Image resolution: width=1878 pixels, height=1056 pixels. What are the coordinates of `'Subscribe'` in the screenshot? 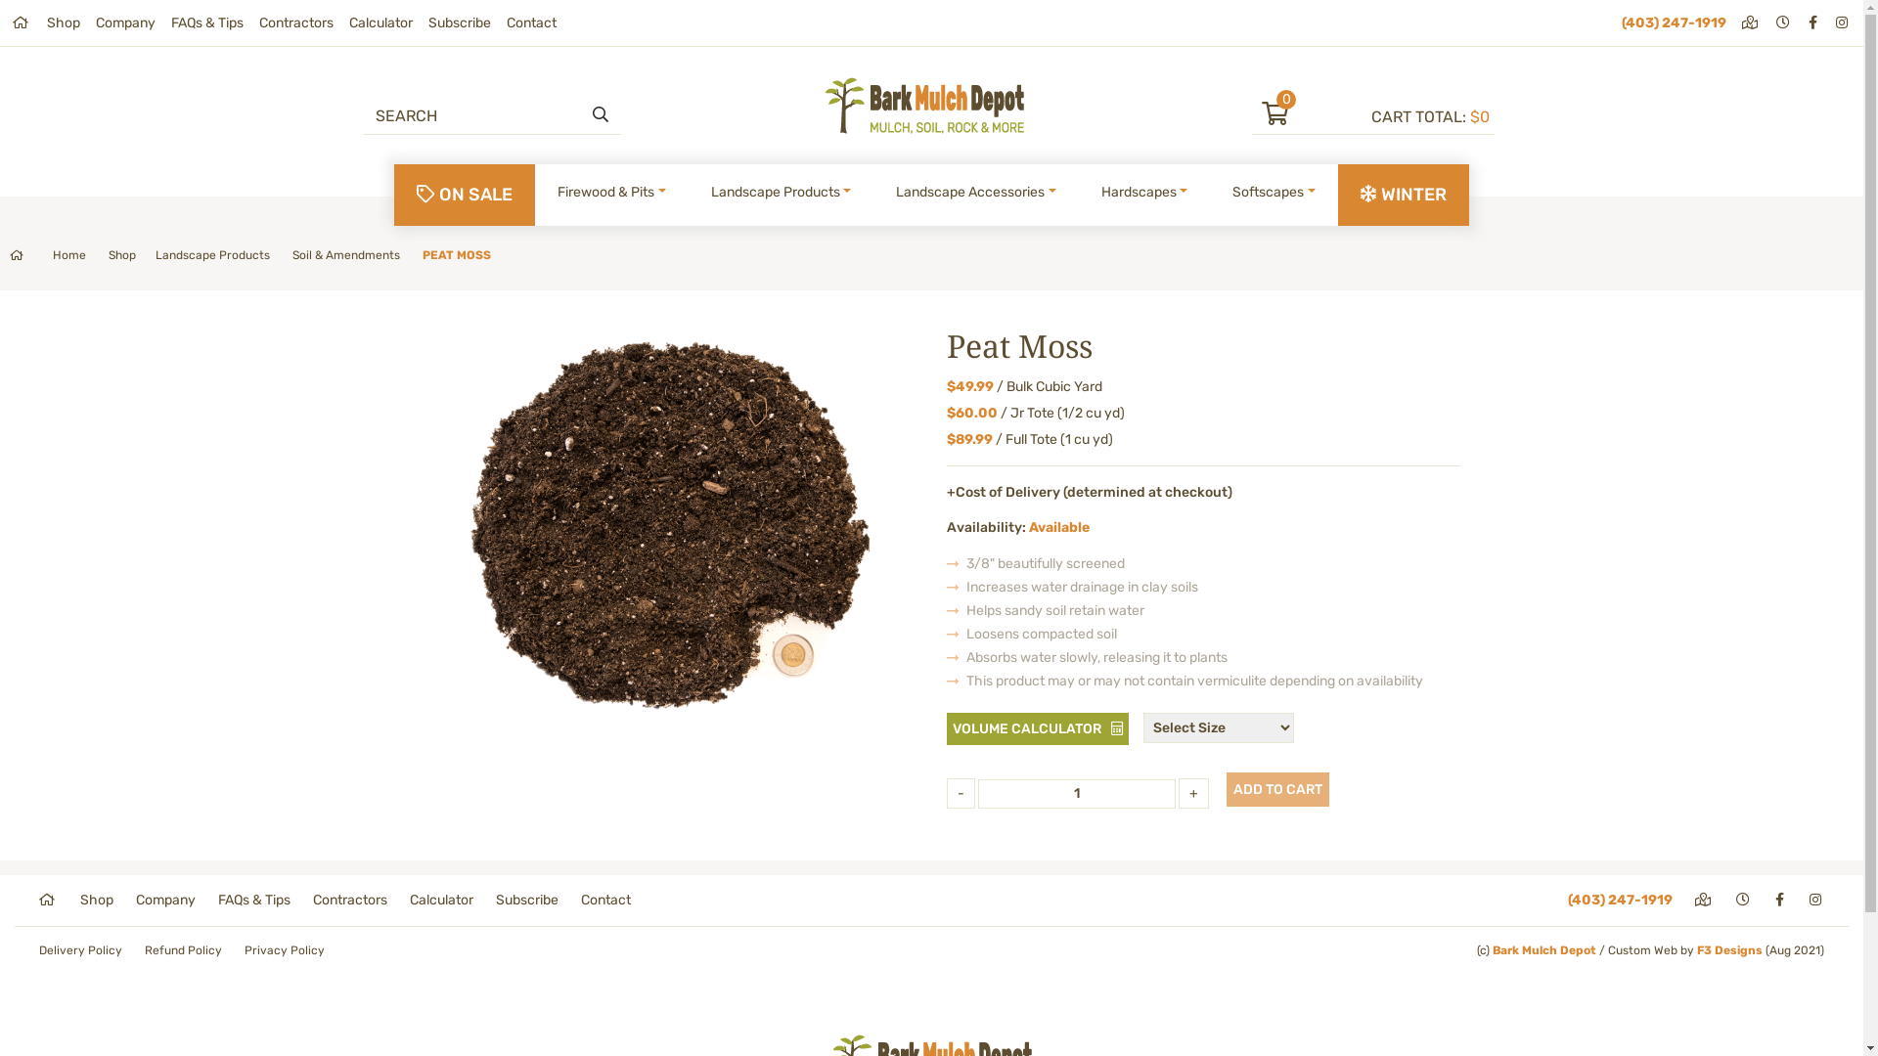 It's located at (526, 900).